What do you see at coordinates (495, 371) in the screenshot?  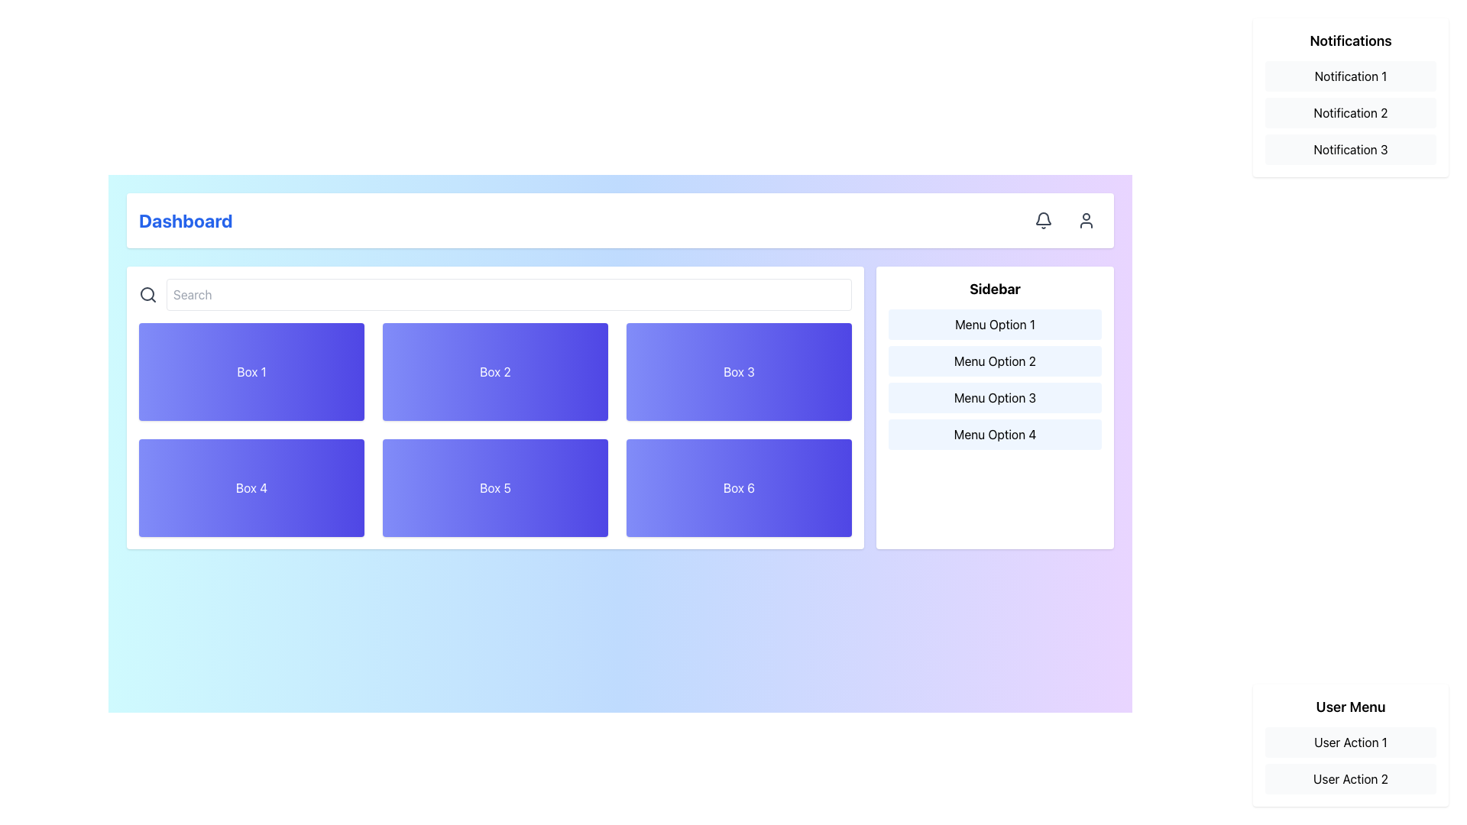 I see `the Static display box, which is the second element in a grid of six boxes, located in the top row and middle column` at bounding box center [495, 371].